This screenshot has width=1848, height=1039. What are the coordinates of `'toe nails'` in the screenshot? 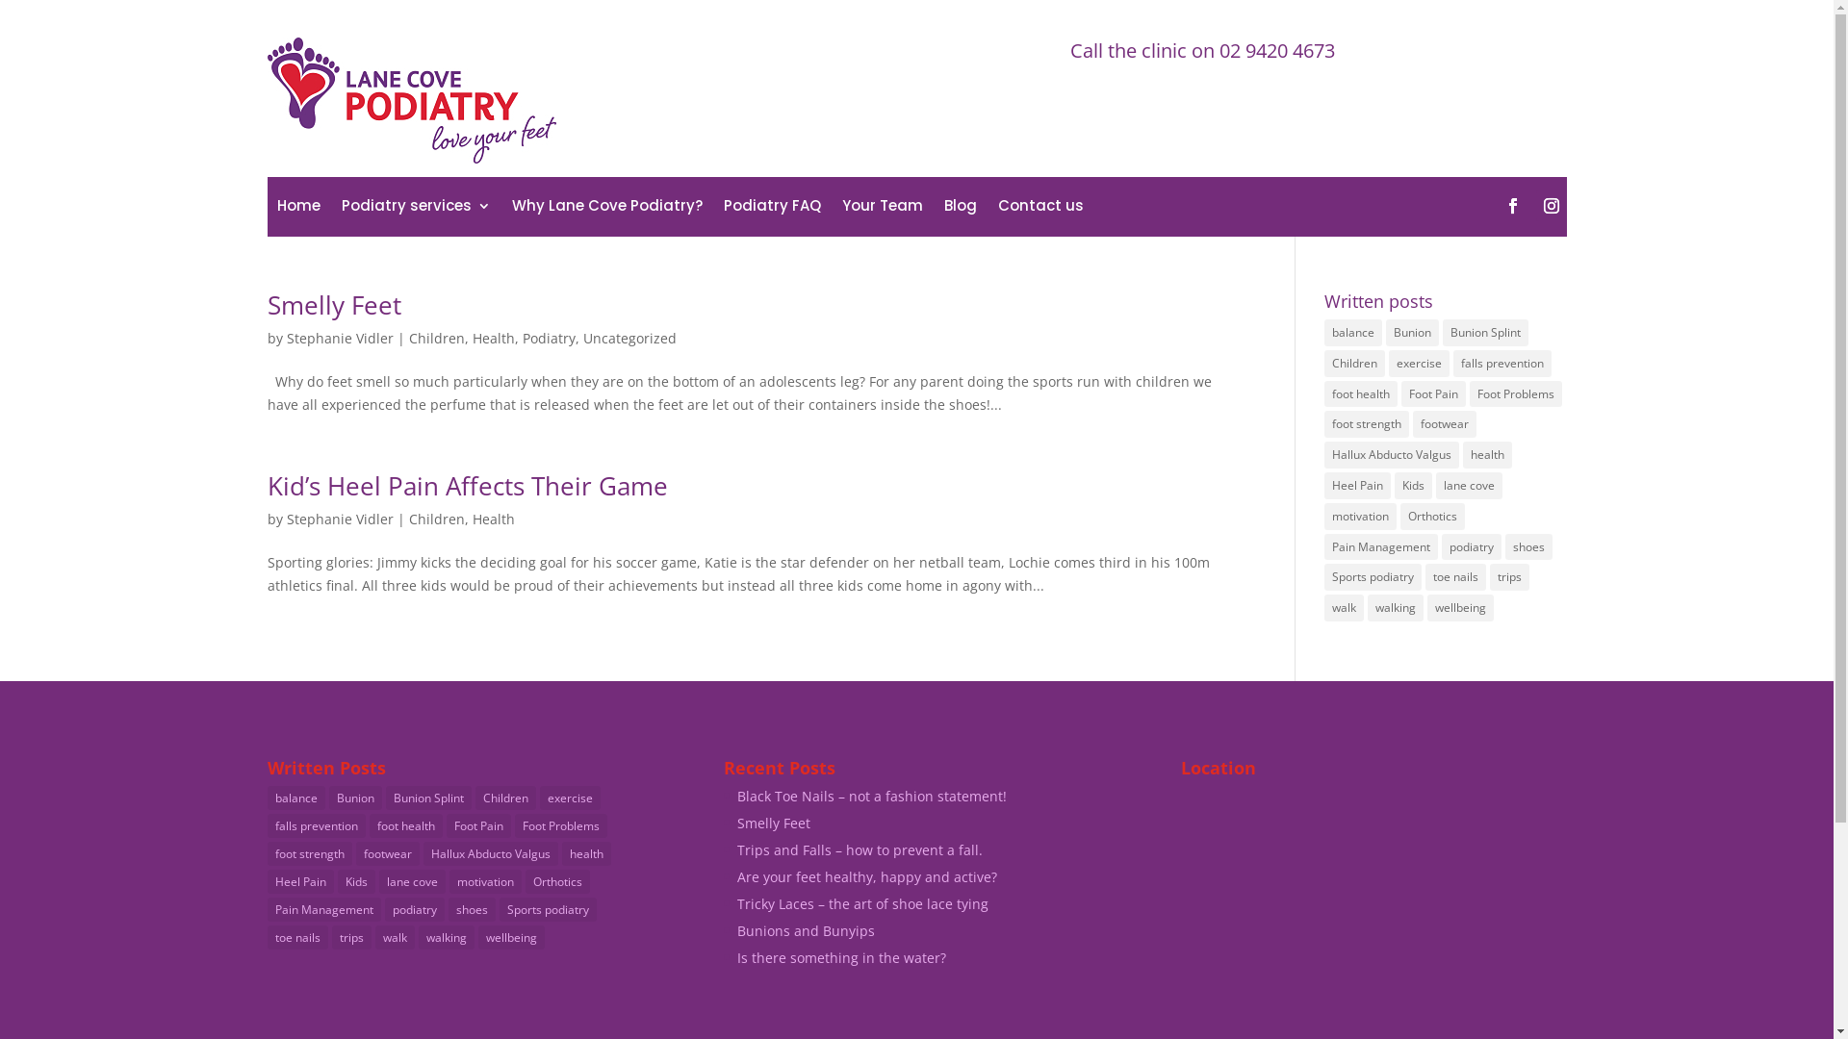 It's located at (1455, 576).